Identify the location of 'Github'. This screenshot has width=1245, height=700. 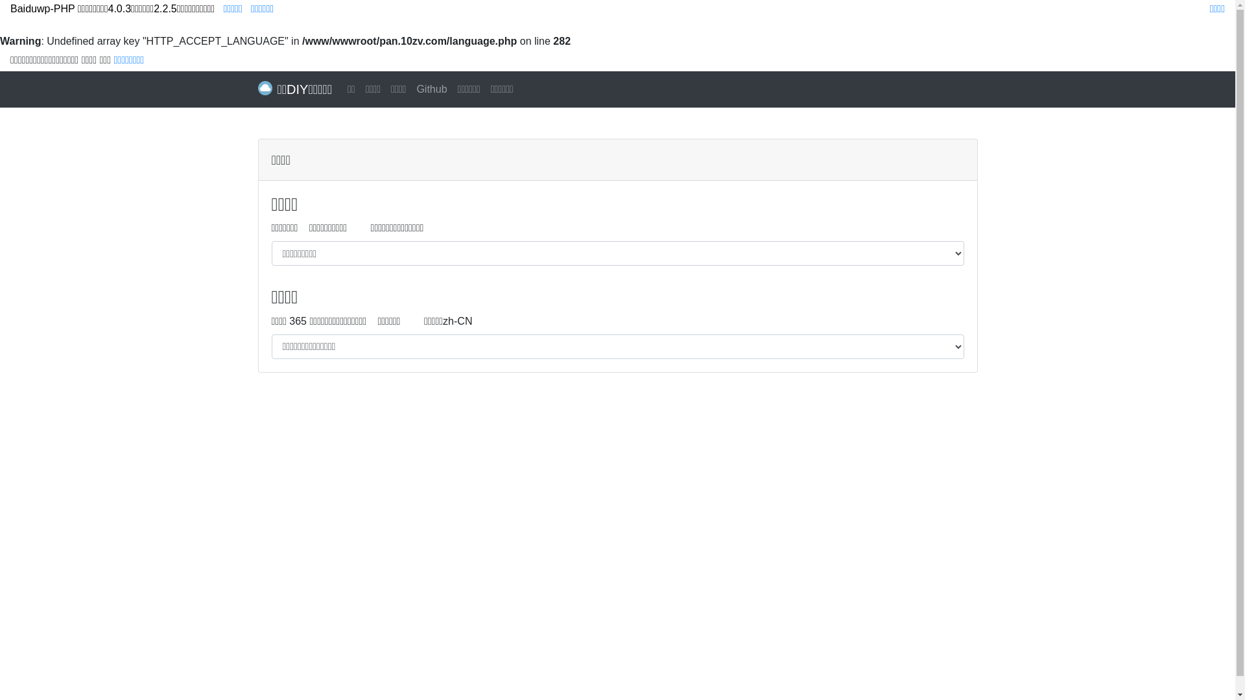
(431, 89).